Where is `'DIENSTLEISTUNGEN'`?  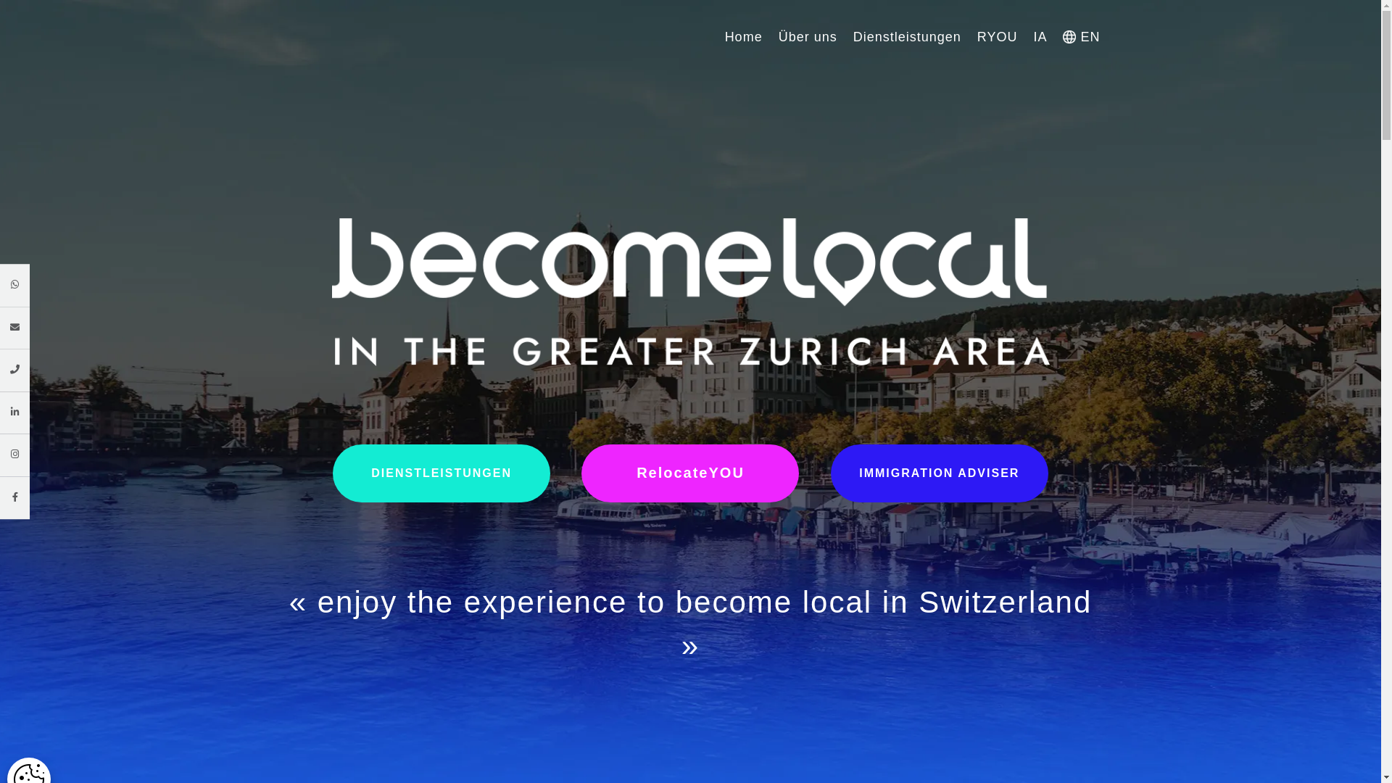 'DIENSTLEISTUNGEN' is located at coordinates (332, 472).